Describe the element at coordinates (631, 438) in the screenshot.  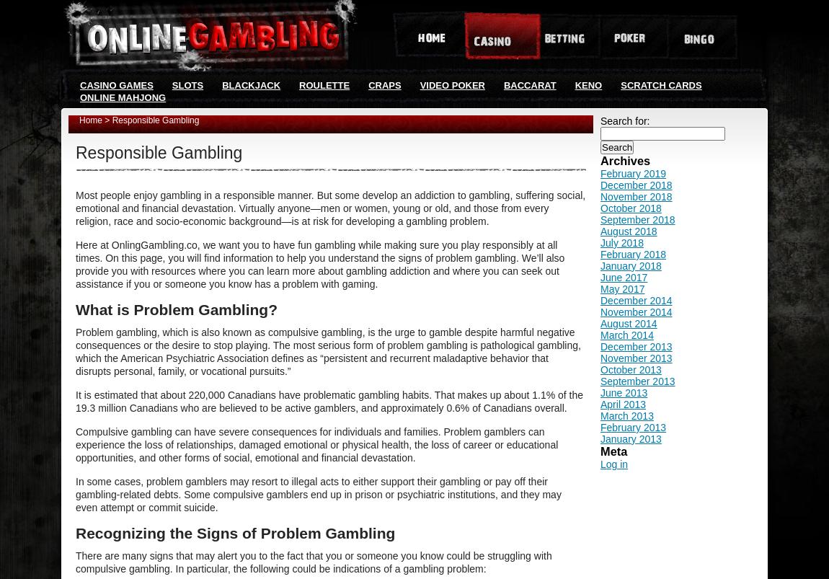
I see `'January 2013'` at that location.